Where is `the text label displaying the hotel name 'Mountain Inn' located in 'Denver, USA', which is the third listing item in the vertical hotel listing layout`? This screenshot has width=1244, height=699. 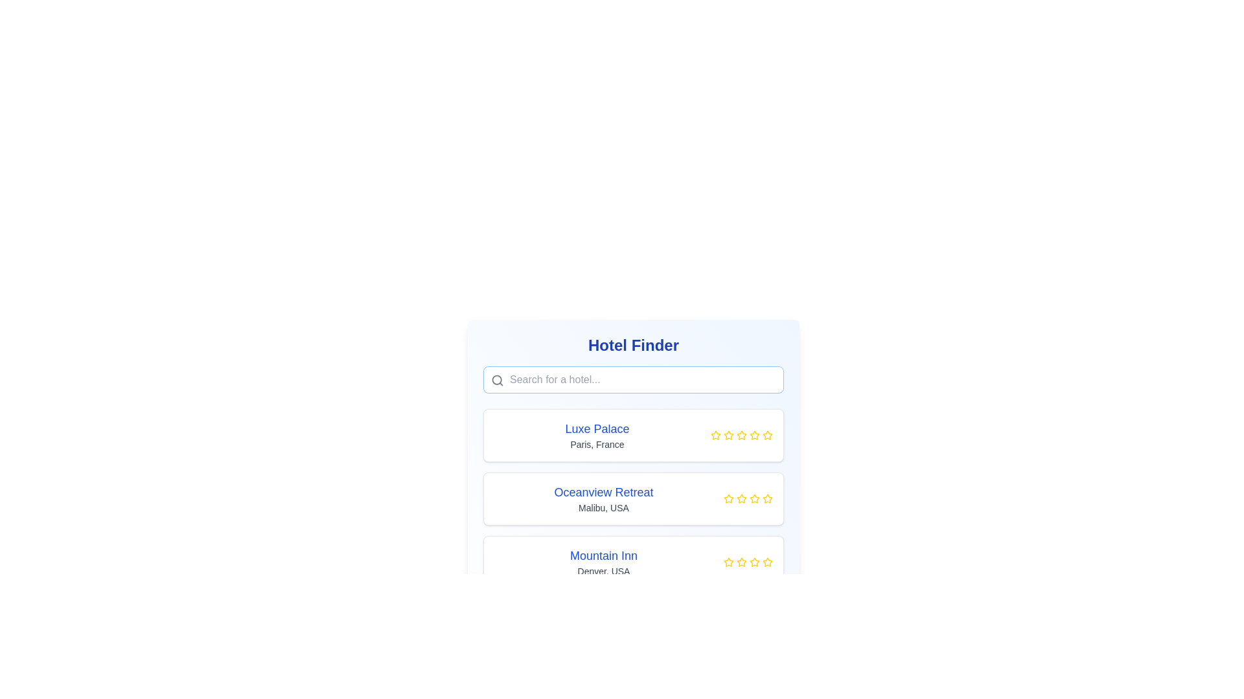
the text label displaying the hotel name 'Mountain Inn' located in 'Denver, USA', which is the third listing item in the vertical hotel listing layout is located at coordinates (603, 561).